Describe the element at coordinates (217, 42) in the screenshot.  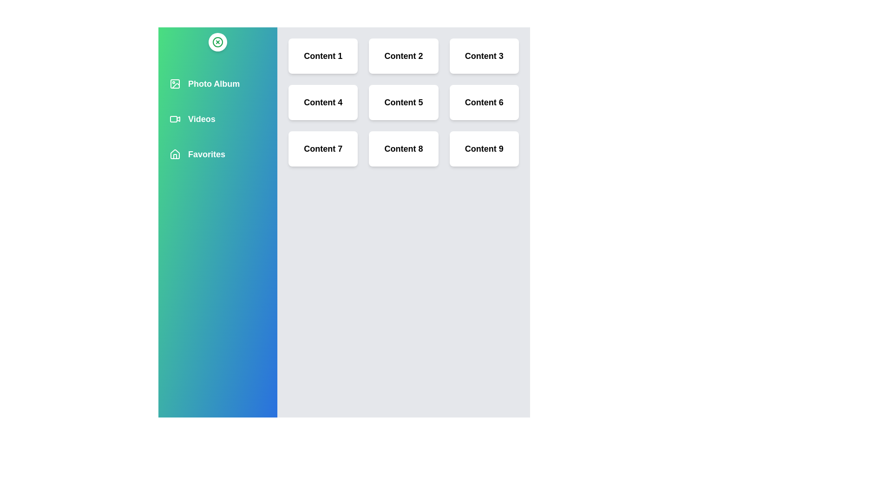
I see `toggle button to open or close the drawer` at that location.